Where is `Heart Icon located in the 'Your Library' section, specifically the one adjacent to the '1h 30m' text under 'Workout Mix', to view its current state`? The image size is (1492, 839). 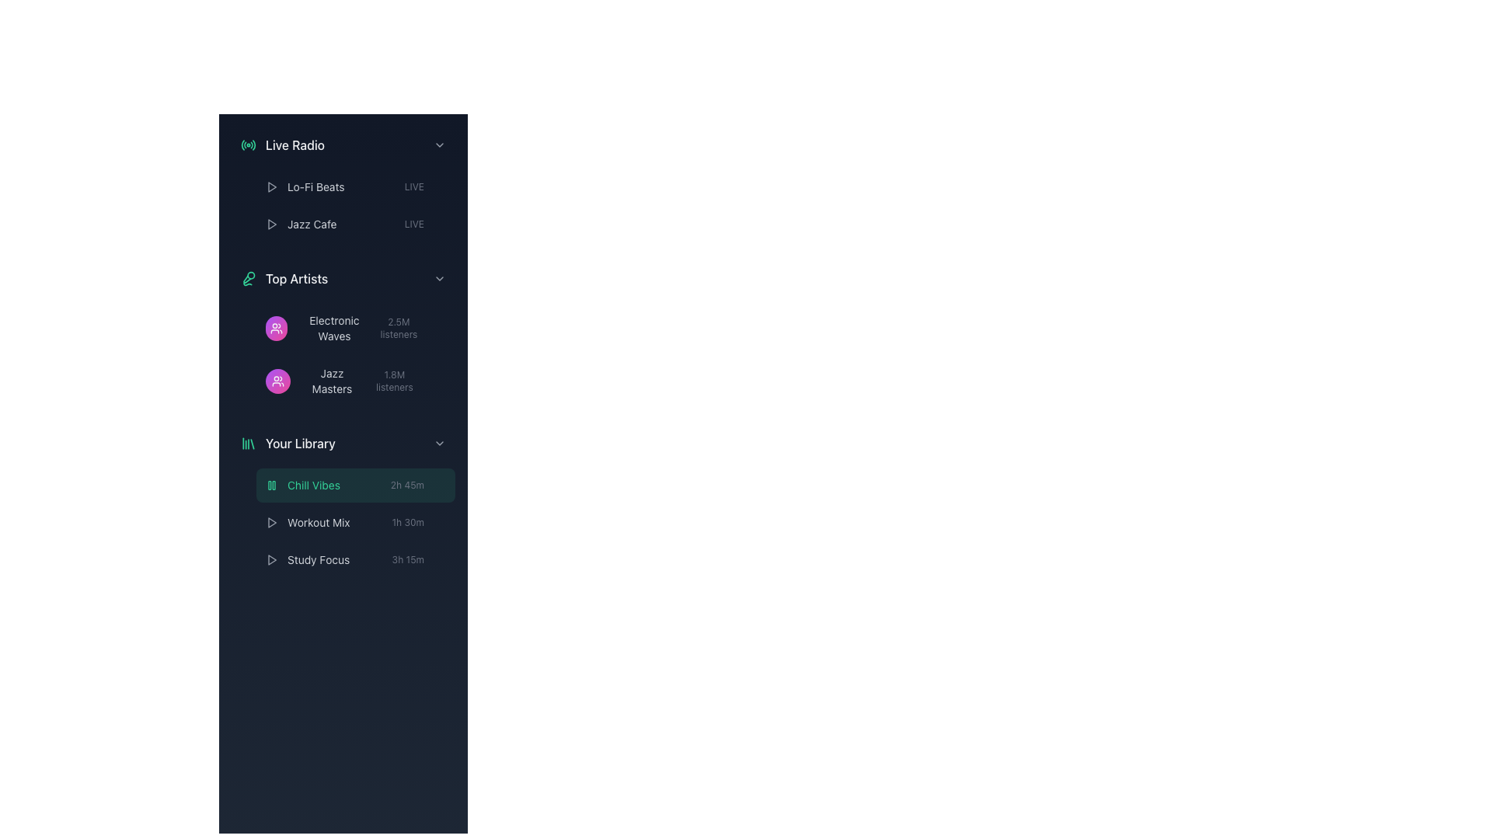 Heart Icon located in the 'Your Library' section, specifically the one adjacent to the '1h 30m' text under 'Workout Mix', to view its current state is located at coordinates (439, 522).